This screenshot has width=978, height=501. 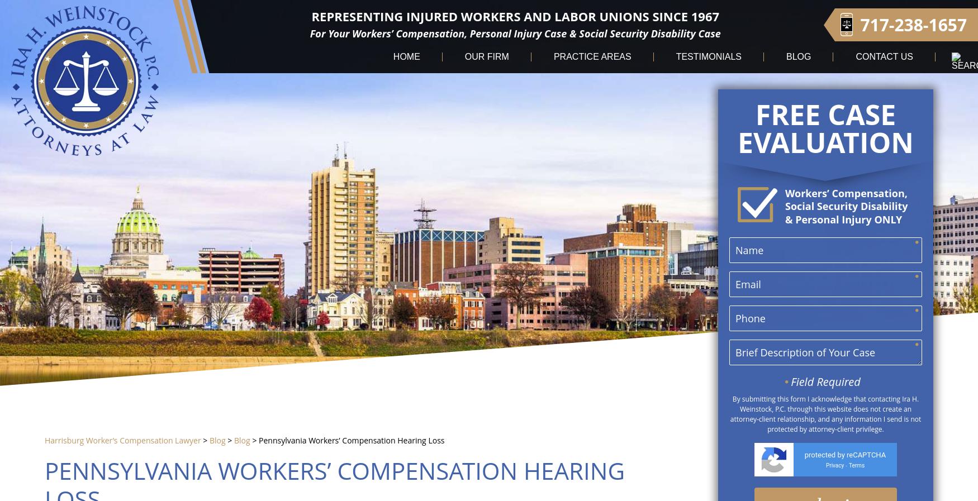 What do you see at coordinates (834, 465) in the screenshot?
I see `'Privacy'` at bounding box center [834, 465].